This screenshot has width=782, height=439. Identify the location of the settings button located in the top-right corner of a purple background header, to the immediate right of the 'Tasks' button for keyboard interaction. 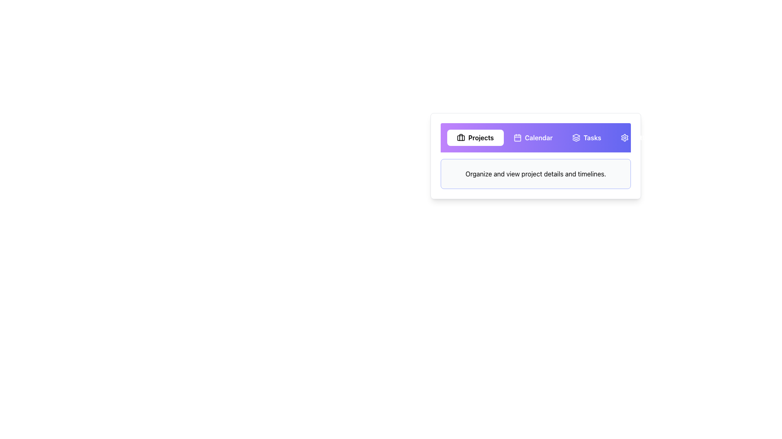
(639, 137).